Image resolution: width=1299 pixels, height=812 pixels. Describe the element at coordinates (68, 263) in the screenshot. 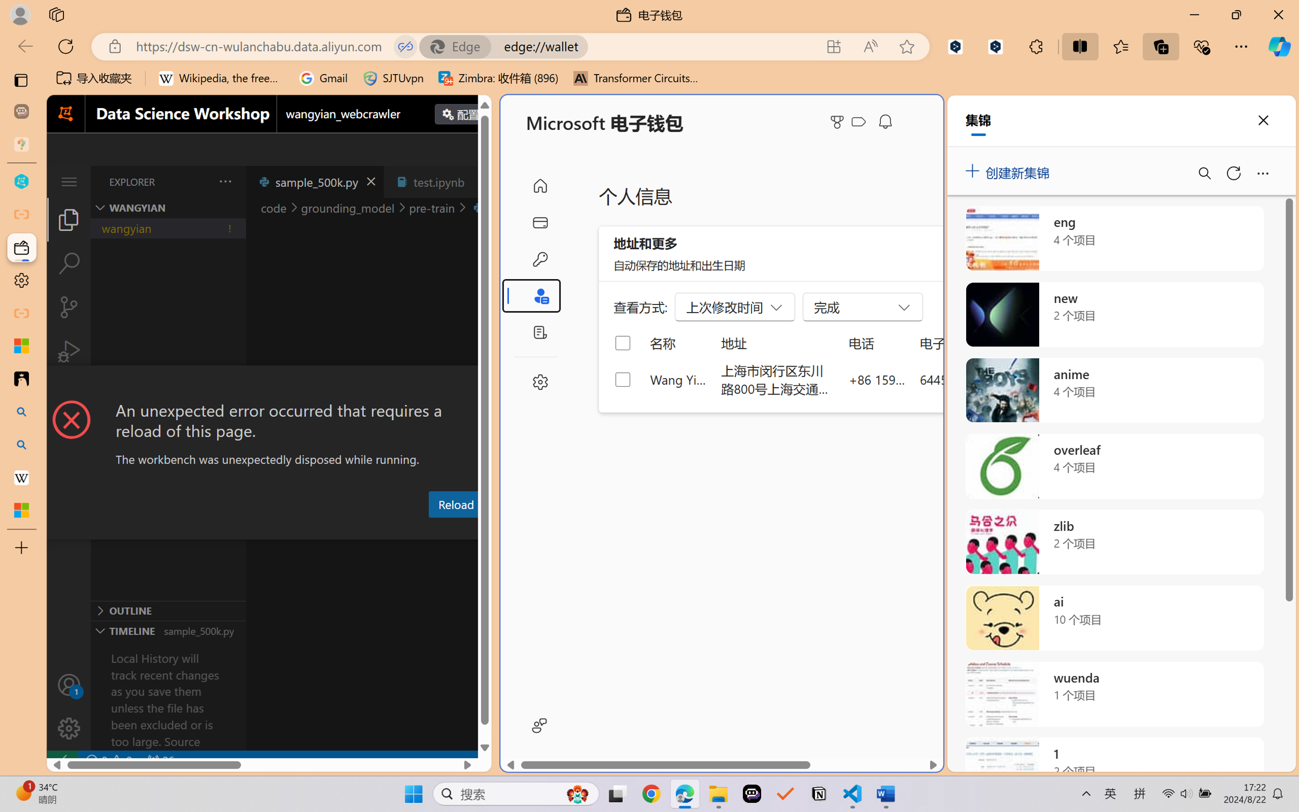

I see `'Search (Ctrl+Shift+F)'` at that location.